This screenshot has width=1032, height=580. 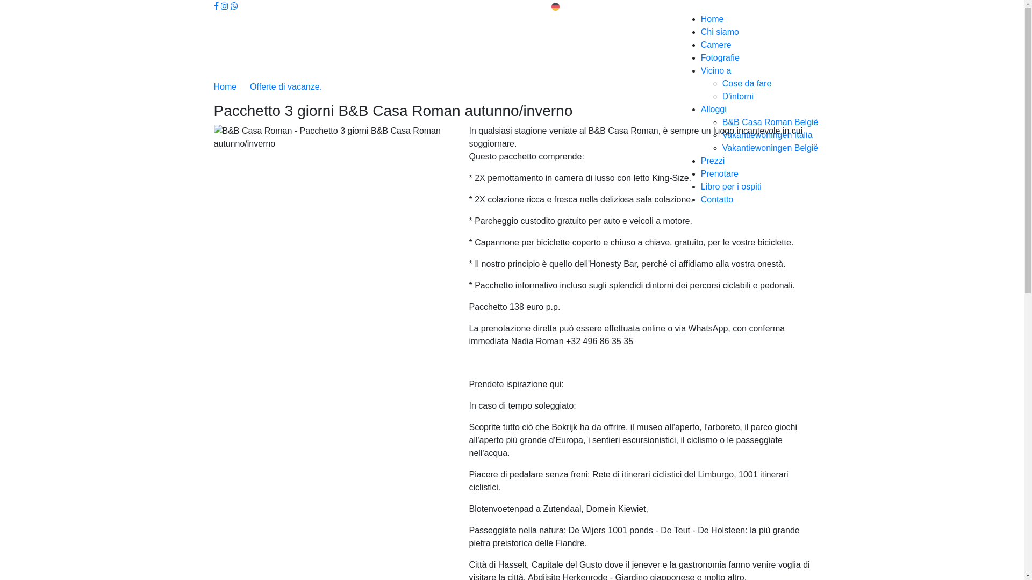 I want to click on 'Prenotare', so click(x=720, y=173).